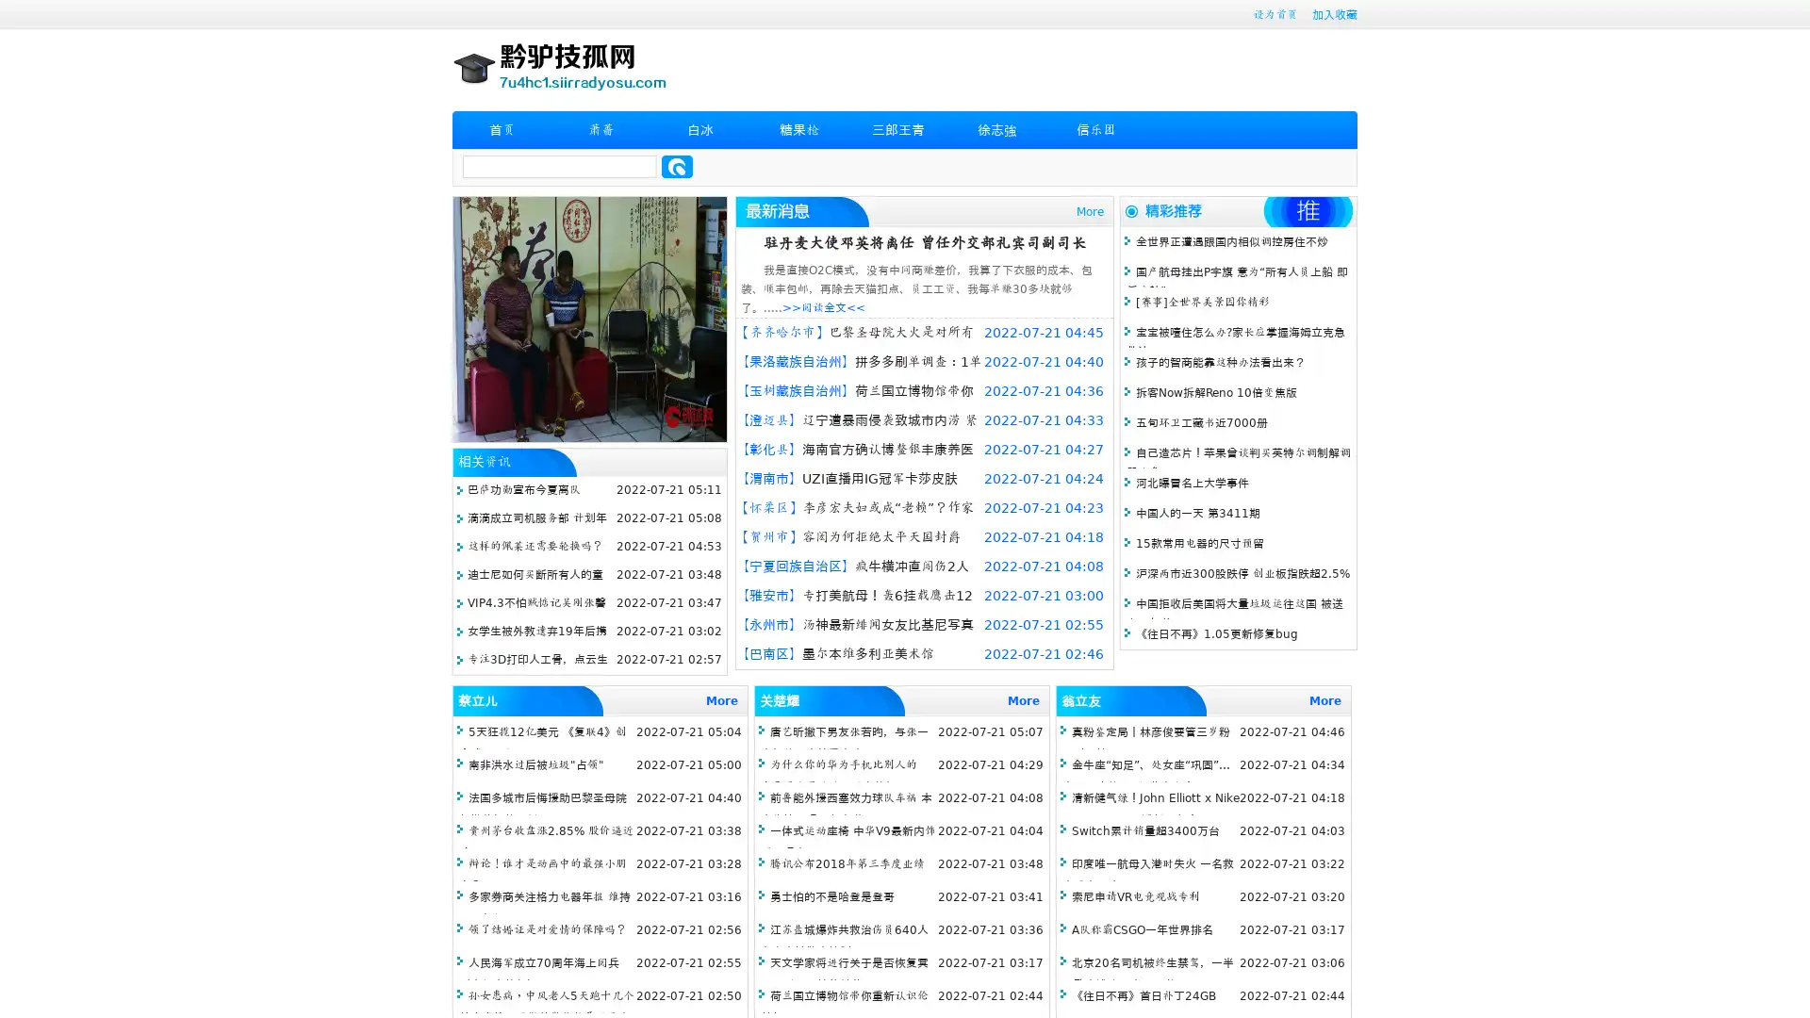 The height and width of the screenshot is (1018, 1810). I want to click on Search, so click(677, 166).